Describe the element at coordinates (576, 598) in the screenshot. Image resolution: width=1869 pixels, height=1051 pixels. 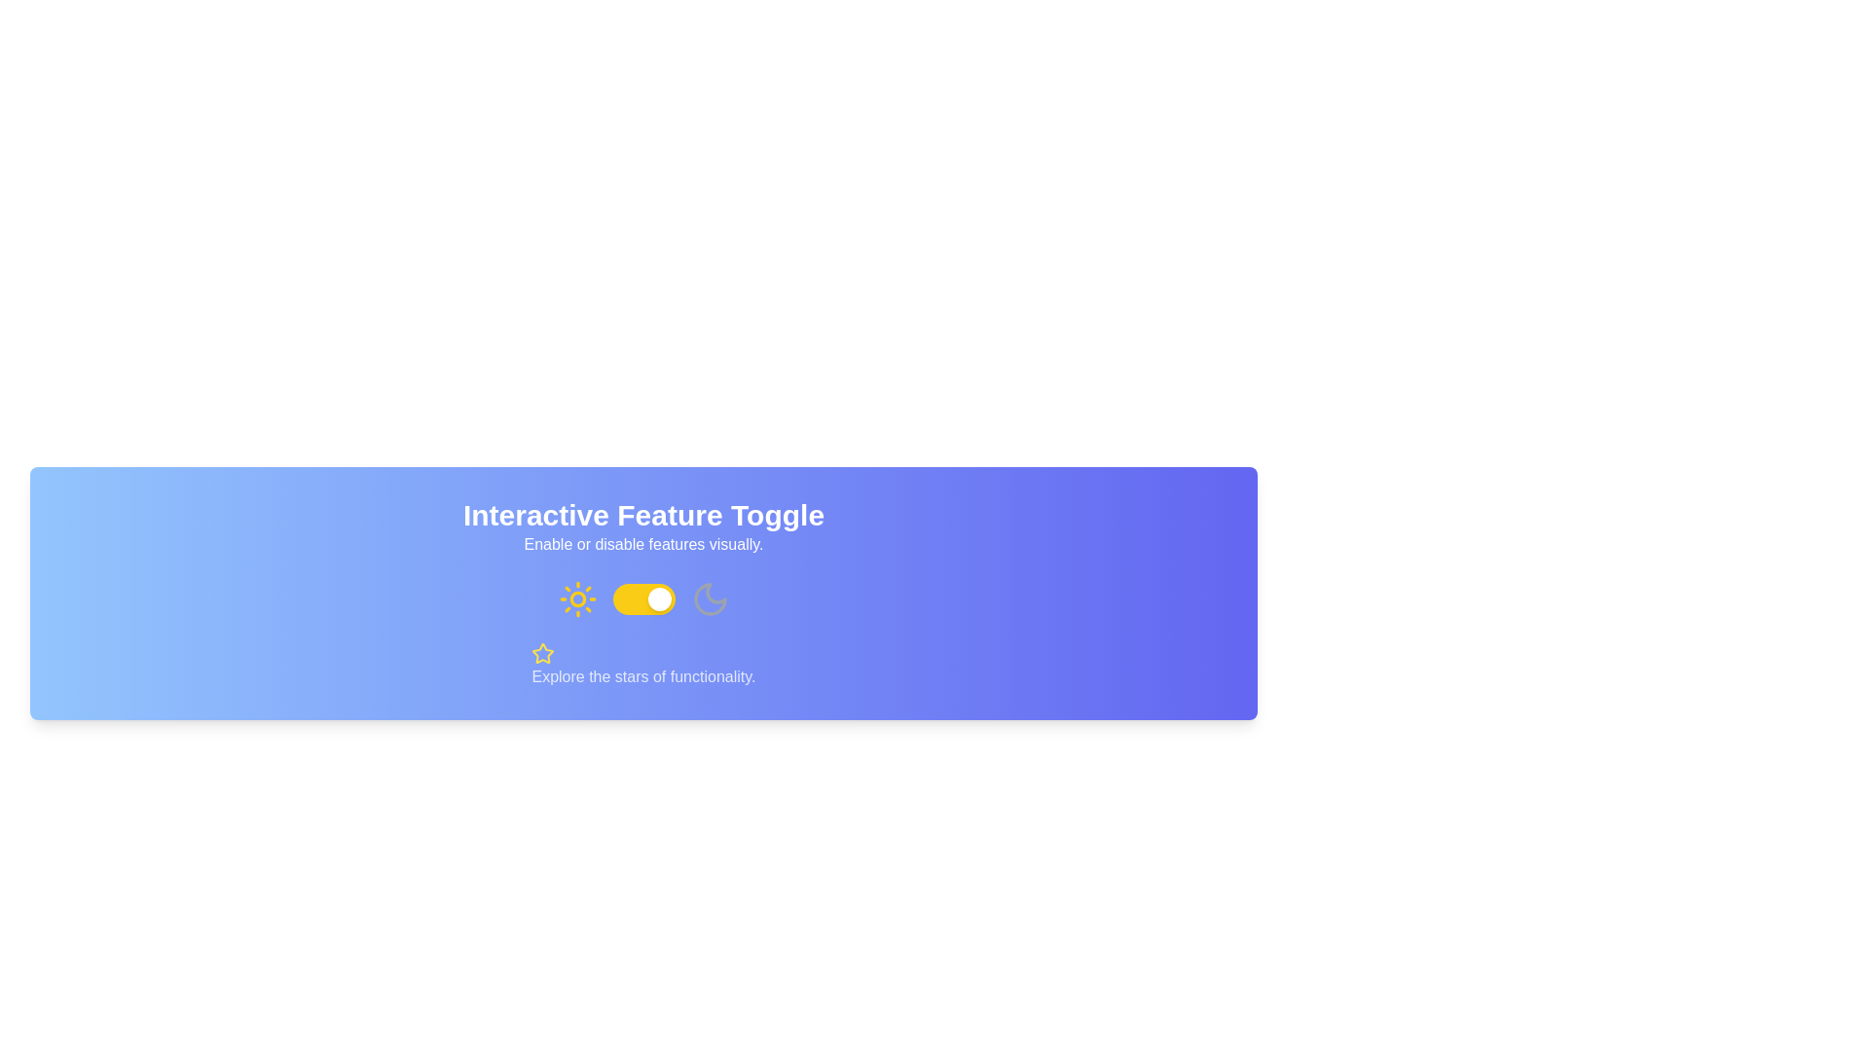
I see `the filled circle located at the center of the sun-like icon in the interface, which is part of a yellow-themed sun icon` at that location.